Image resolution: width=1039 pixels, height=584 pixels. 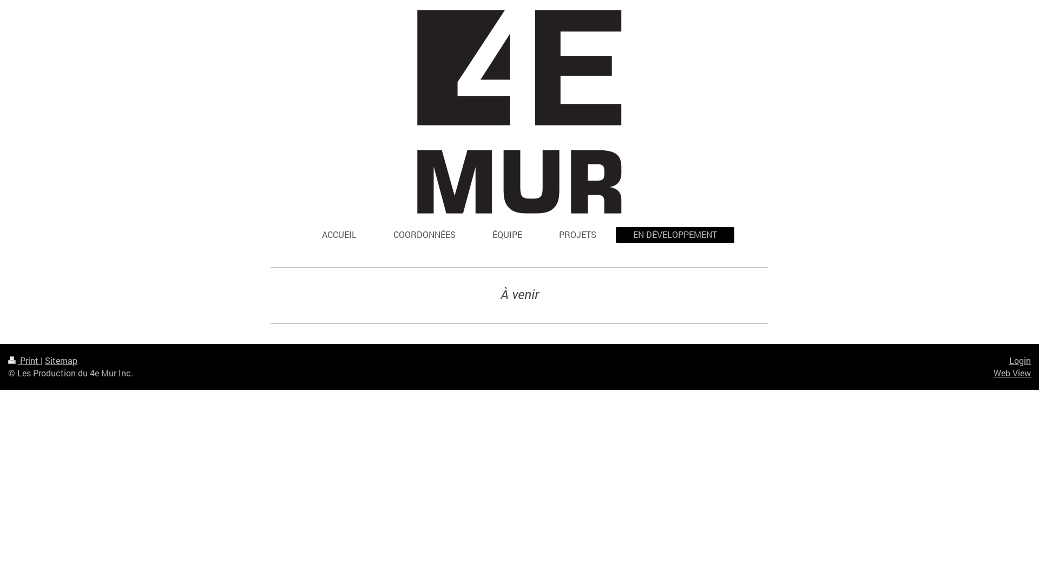 I want to click on 'Print', so click(x=24, y=360).